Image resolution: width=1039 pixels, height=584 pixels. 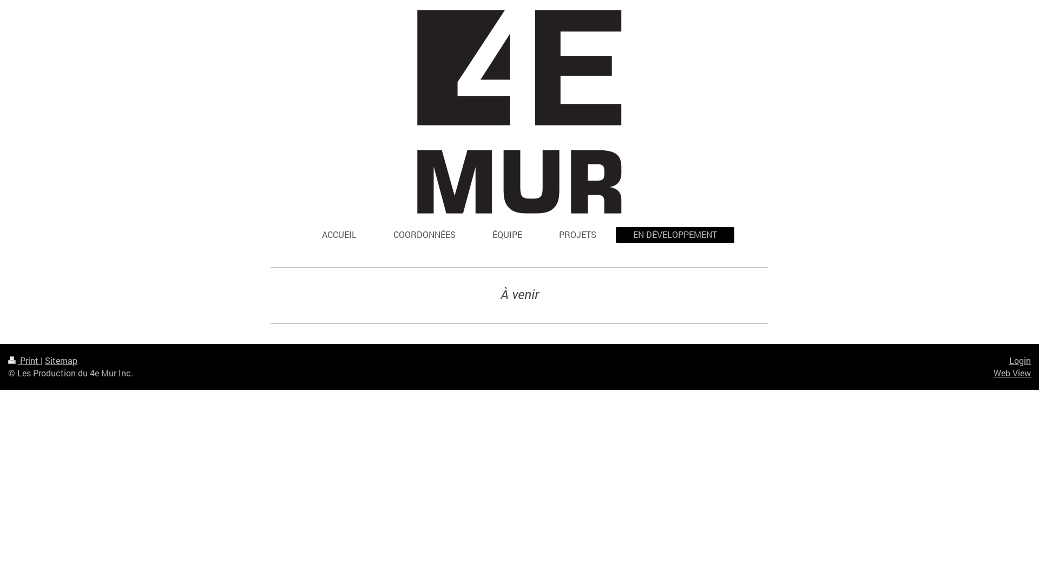 I want to click on 'Print', so click(x=24, y=360).